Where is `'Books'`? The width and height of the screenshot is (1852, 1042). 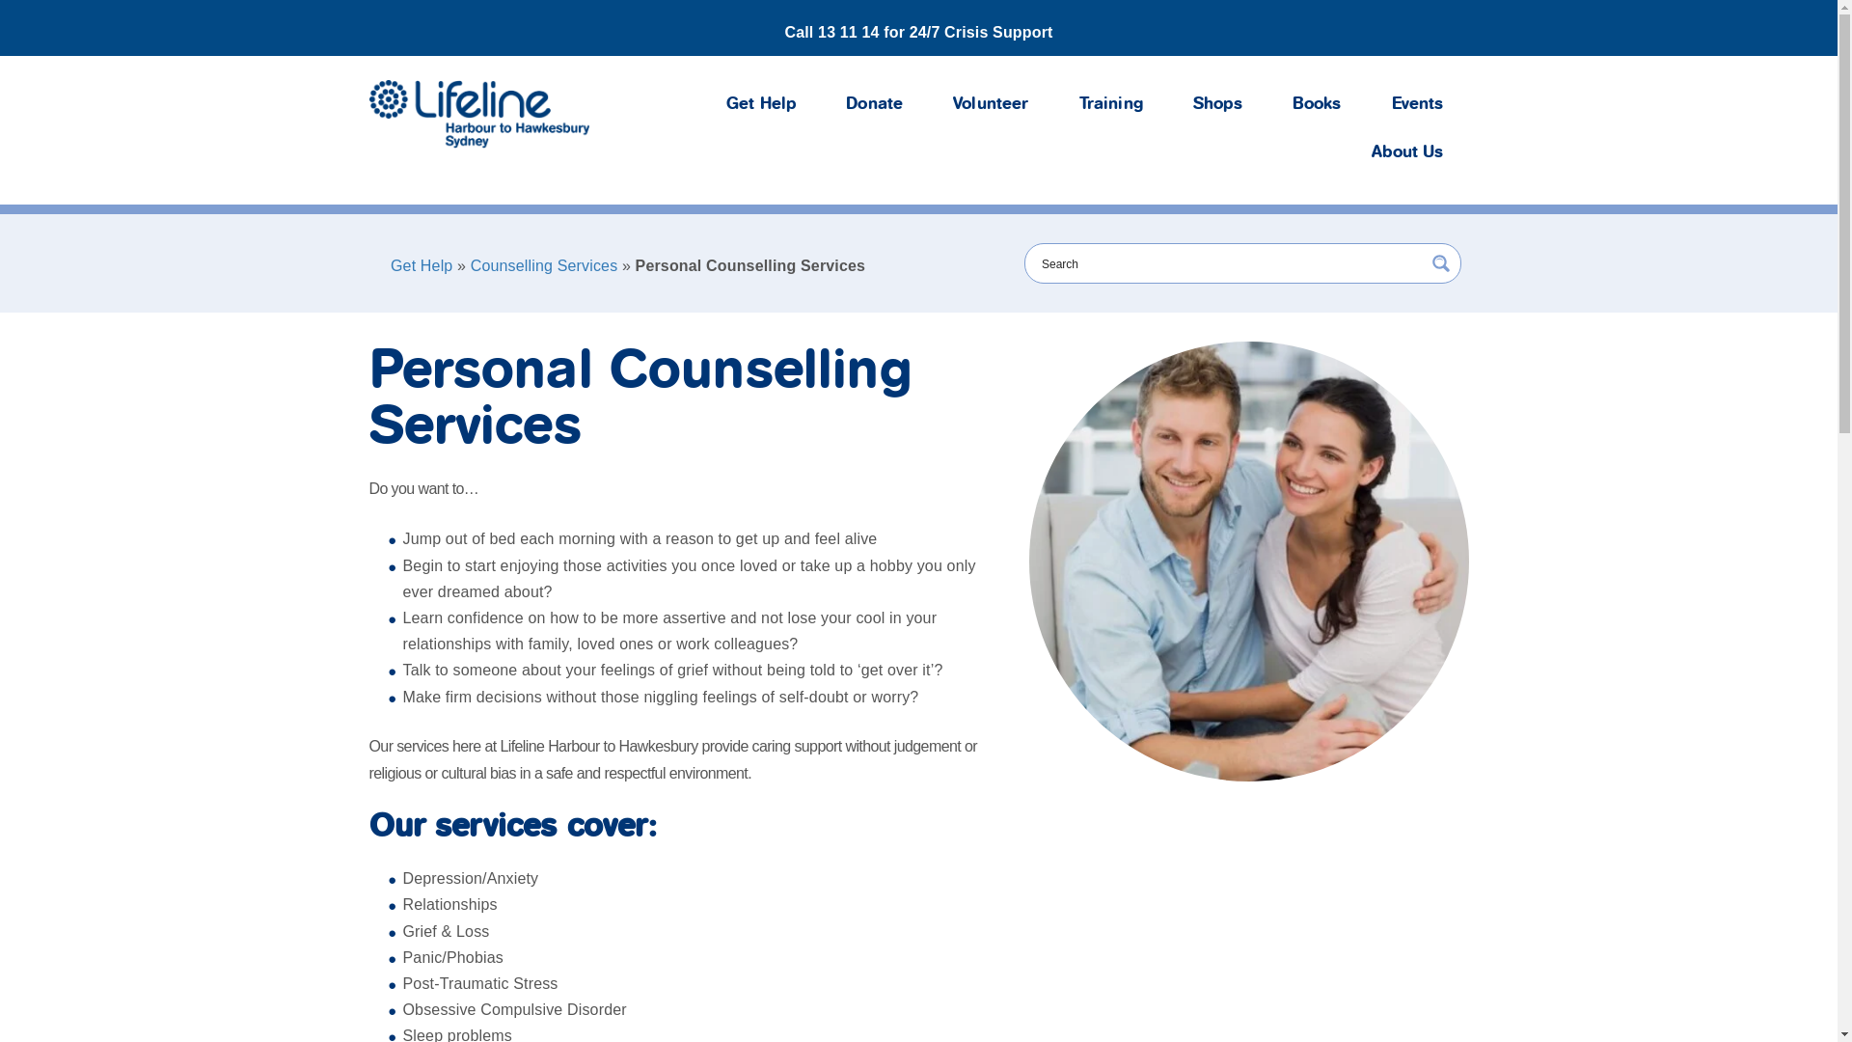
'Books' is located at coordinates (1316, 104).